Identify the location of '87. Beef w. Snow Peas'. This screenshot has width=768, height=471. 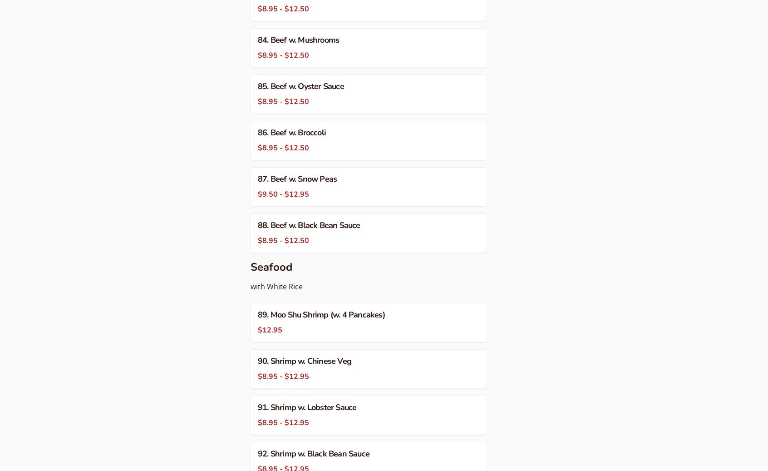
(297, 178).